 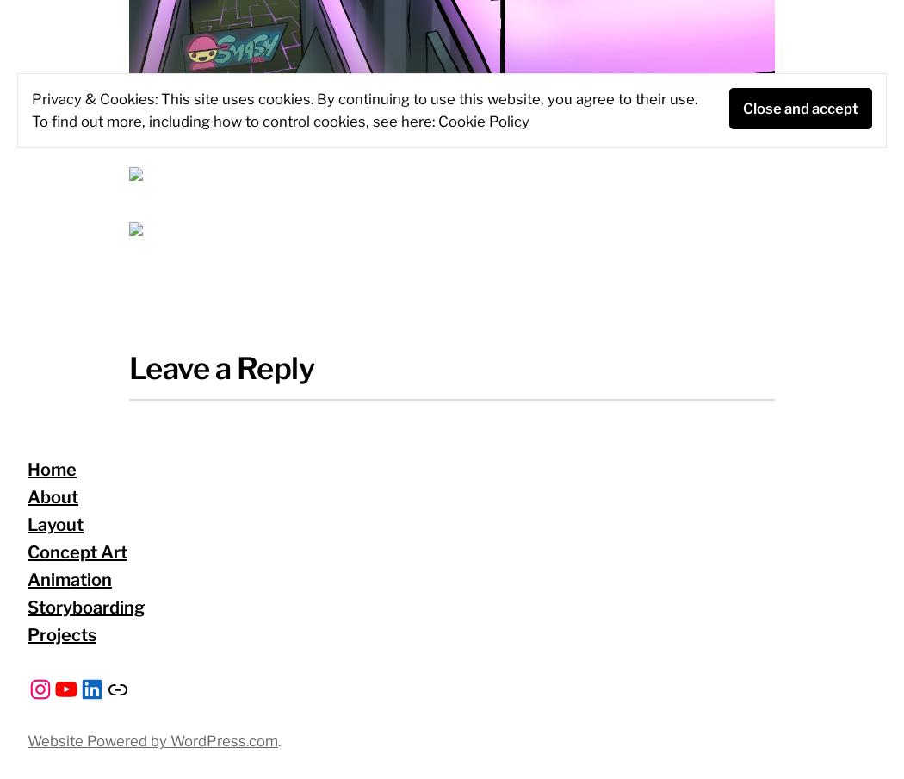 What do you see at coordinates (52, 496) in the screenshot?
I see `'About'` at bounding box center [52, 496].